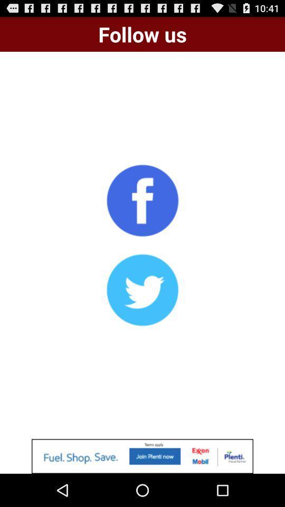 The image size is (285, 507). What do you see at coordinates (142, 290) in the screenshot?
I see `twitter` at bounding box center [142, 290].